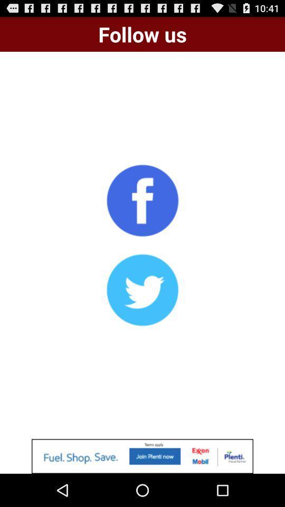 The image size is (285, 507). What do you see at coordinates (142, 290) in the screenshot?
I see `twitter` at bounding box center [142, 290].